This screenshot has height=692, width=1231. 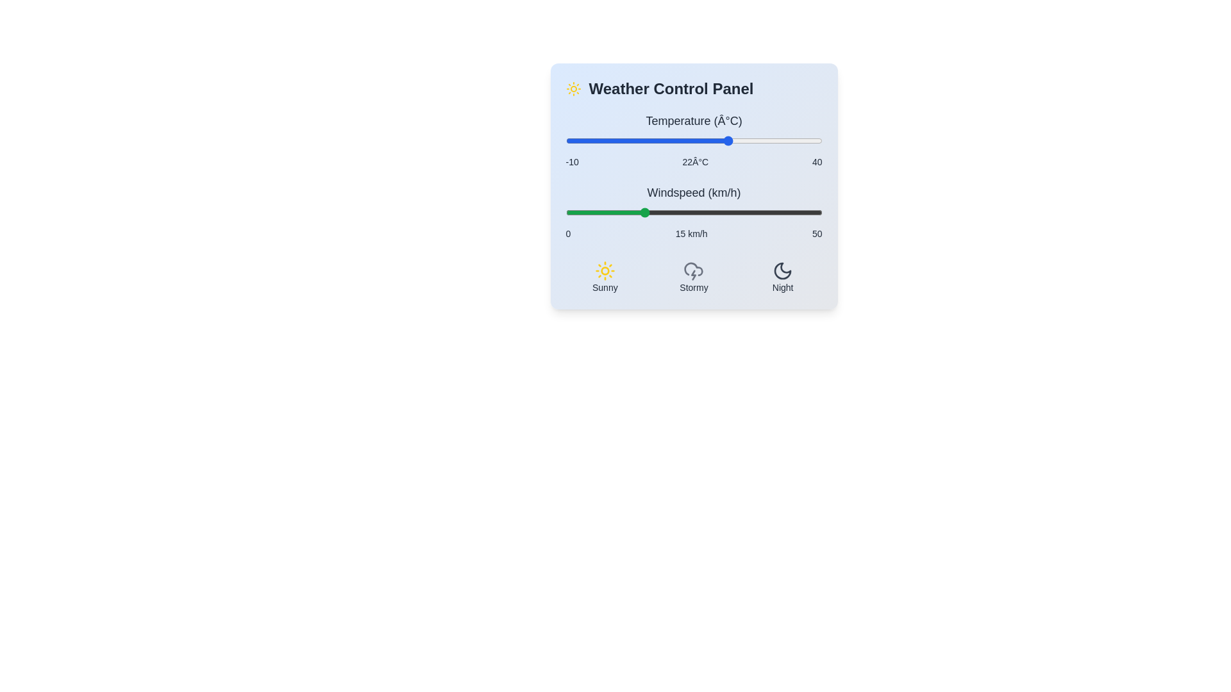 I want to click on the Temperature slider, so click(x=627, y=140).